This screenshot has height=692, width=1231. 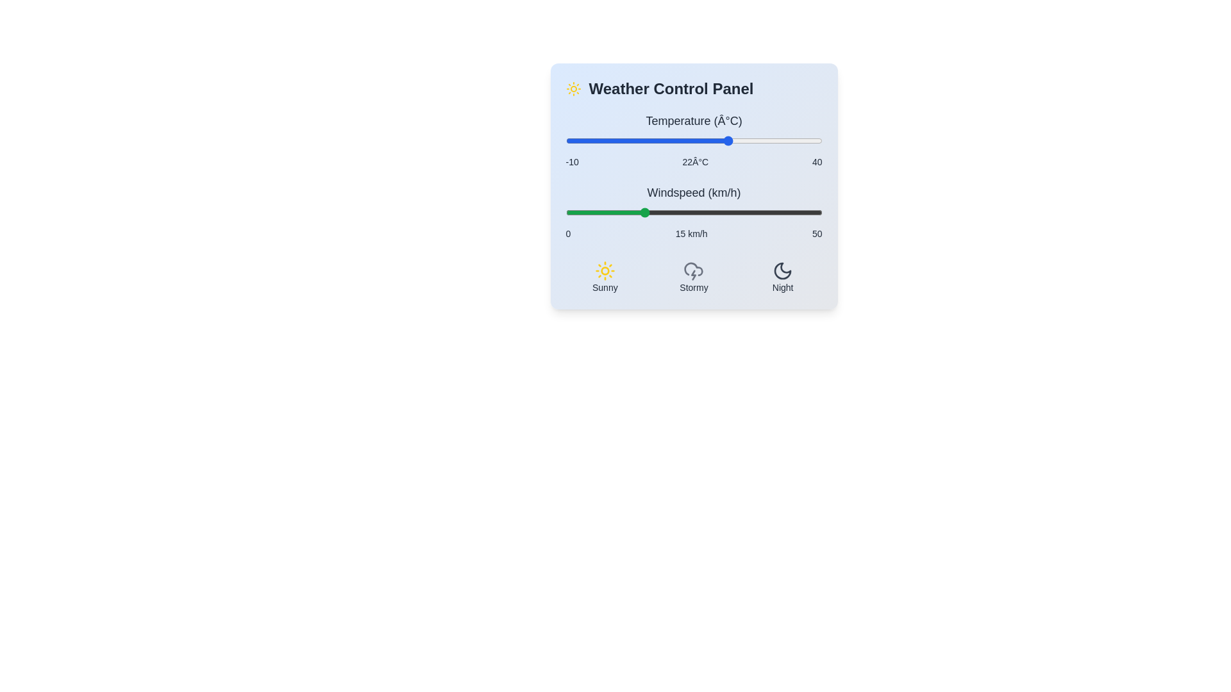 I want to click on the Temperature slider, so click(x=627, y=140).